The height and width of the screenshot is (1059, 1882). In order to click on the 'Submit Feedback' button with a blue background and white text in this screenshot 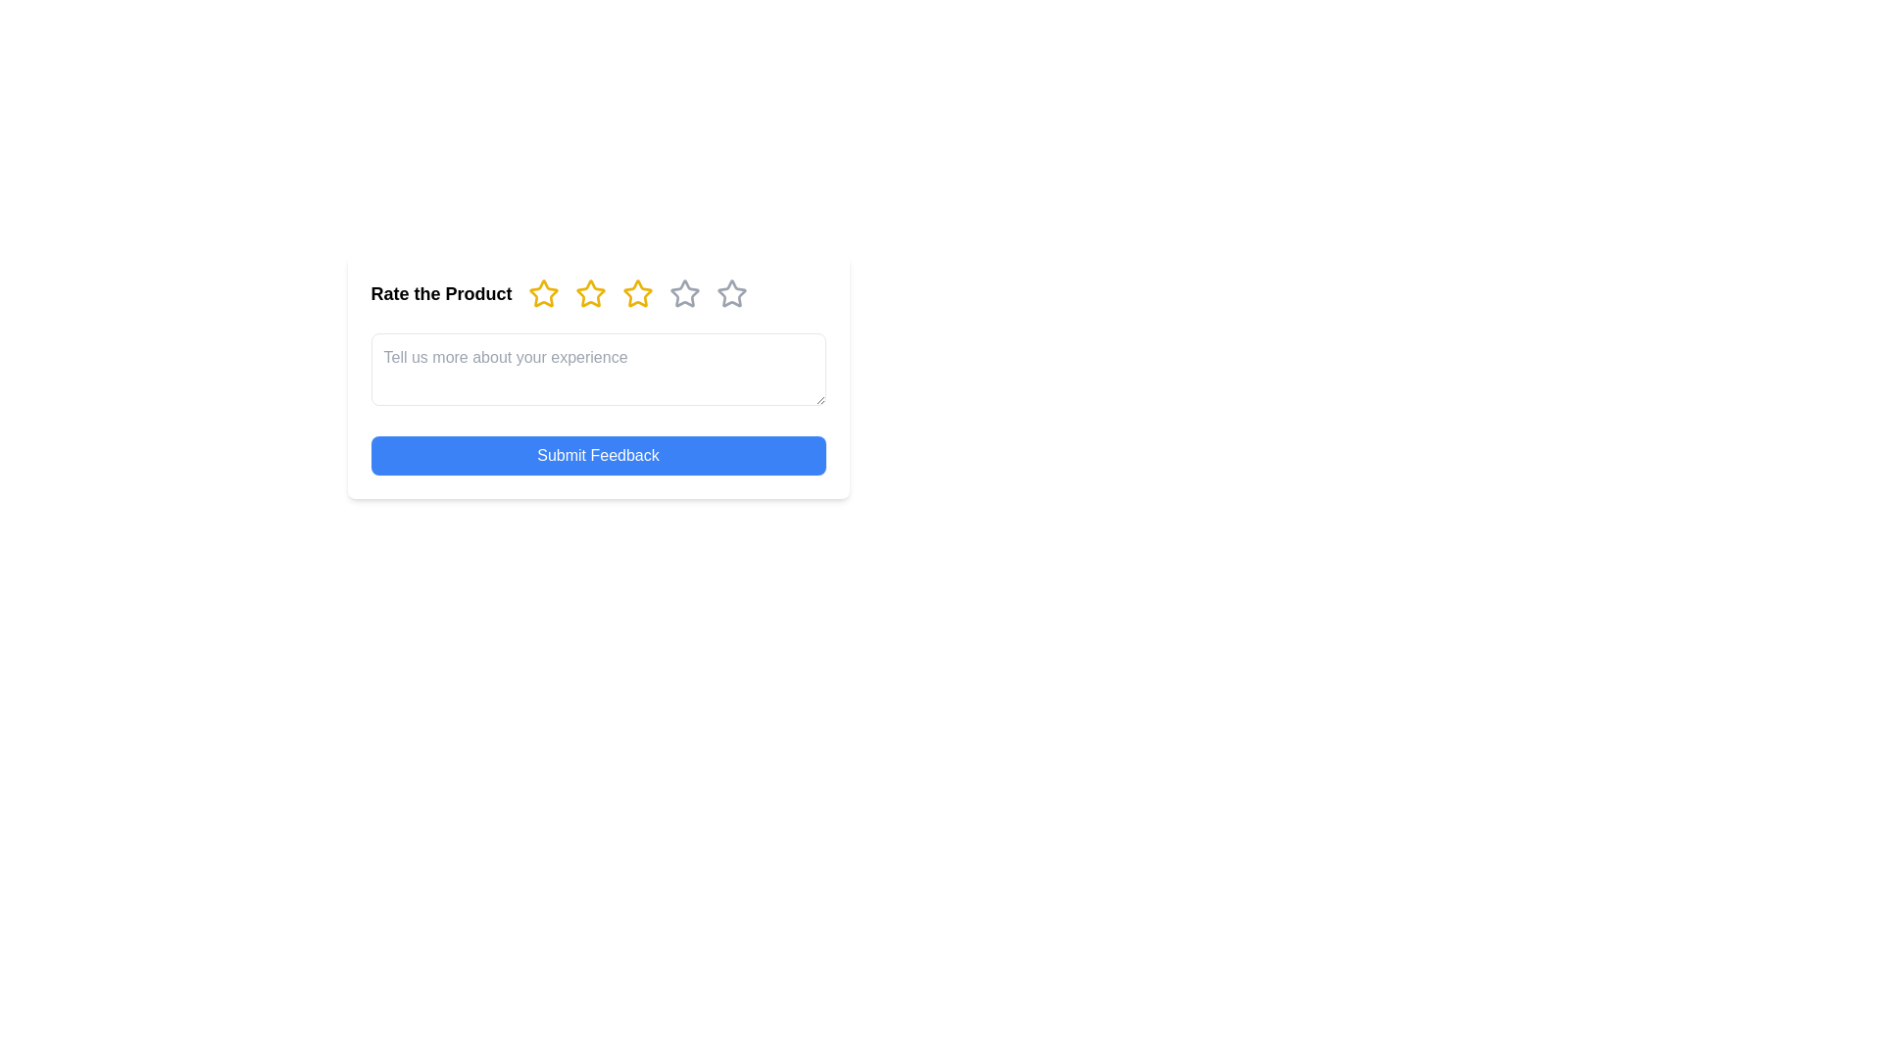, I will do `click(597, 456)`.